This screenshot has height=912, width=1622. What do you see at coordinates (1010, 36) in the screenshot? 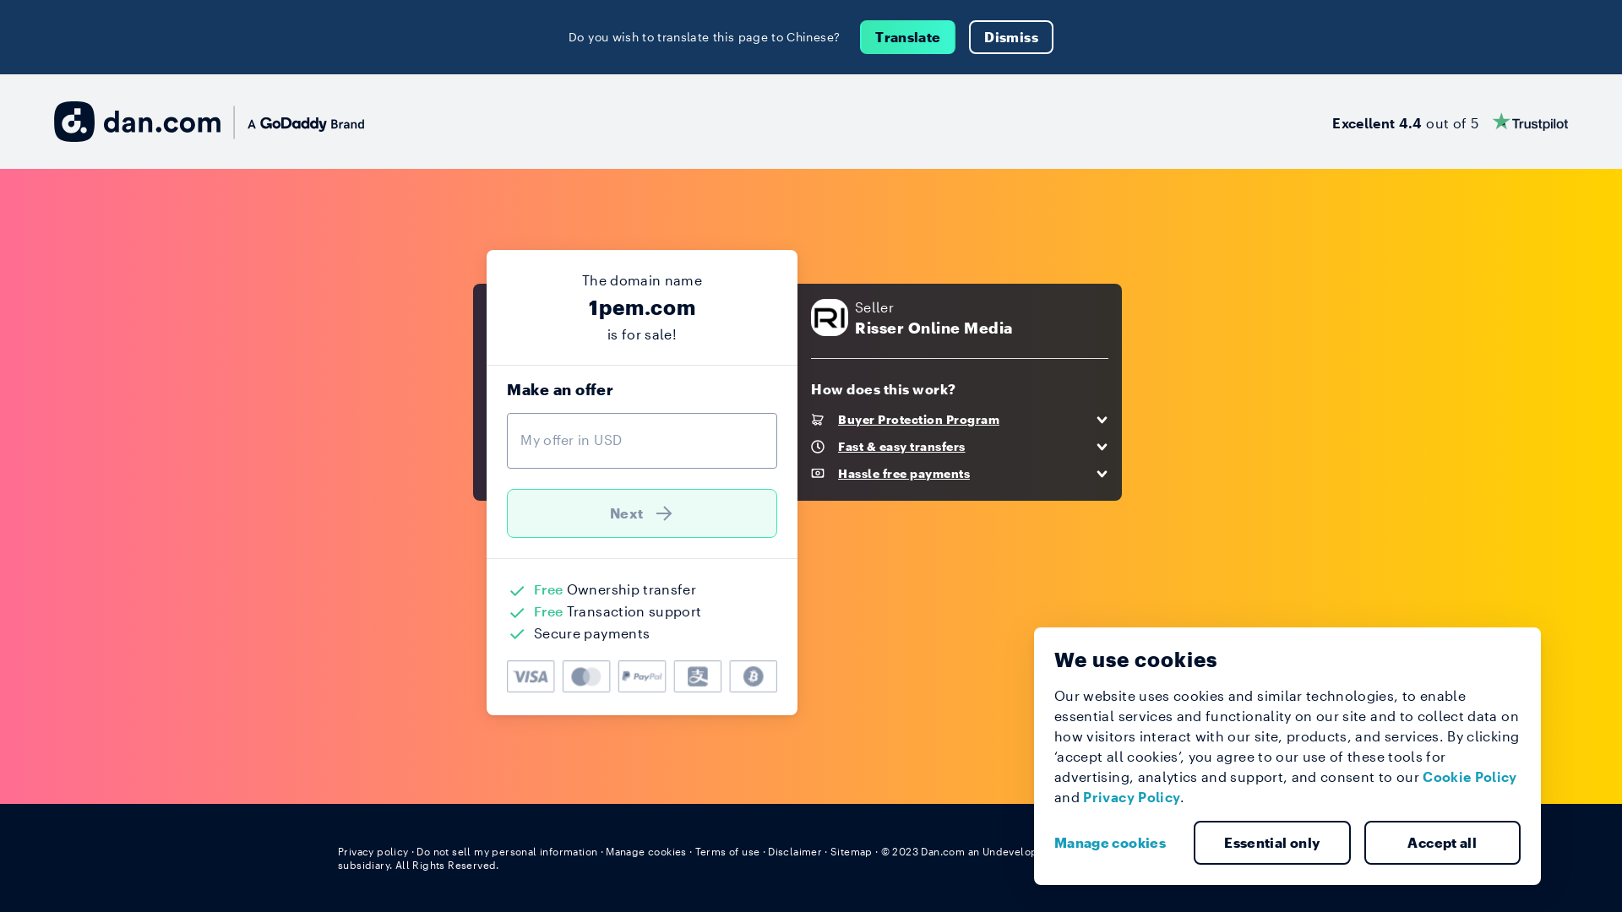
I see `'Dismiss'` at bounding box center [1010, 36].